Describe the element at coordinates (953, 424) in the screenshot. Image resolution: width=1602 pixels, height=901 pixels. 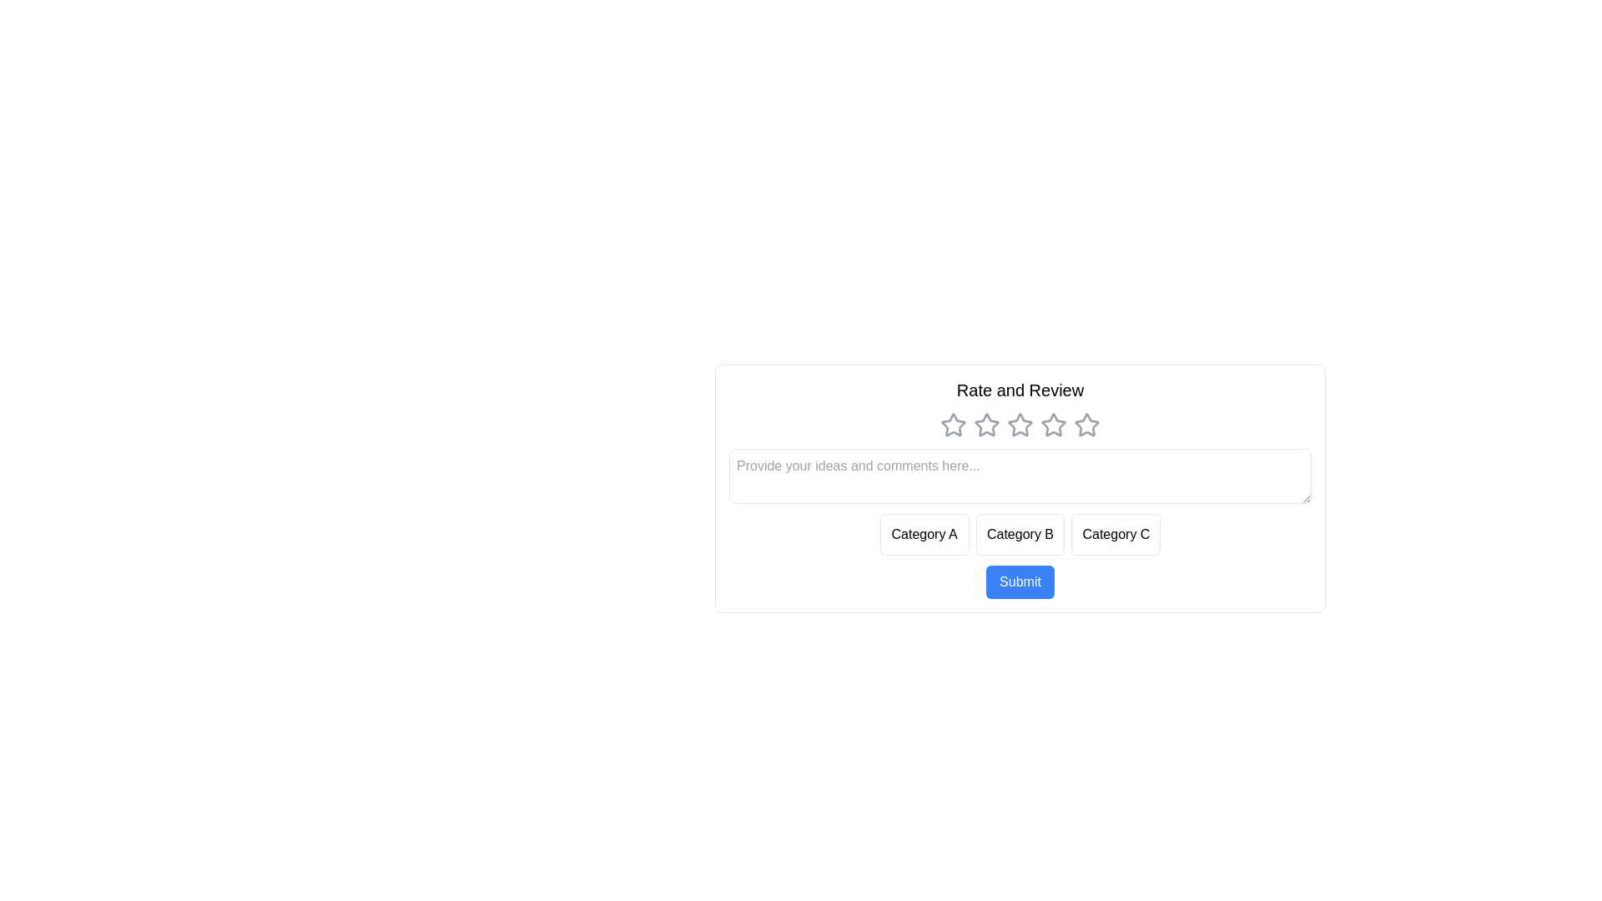
I see `the star corresponding to the rating 1` at that location.